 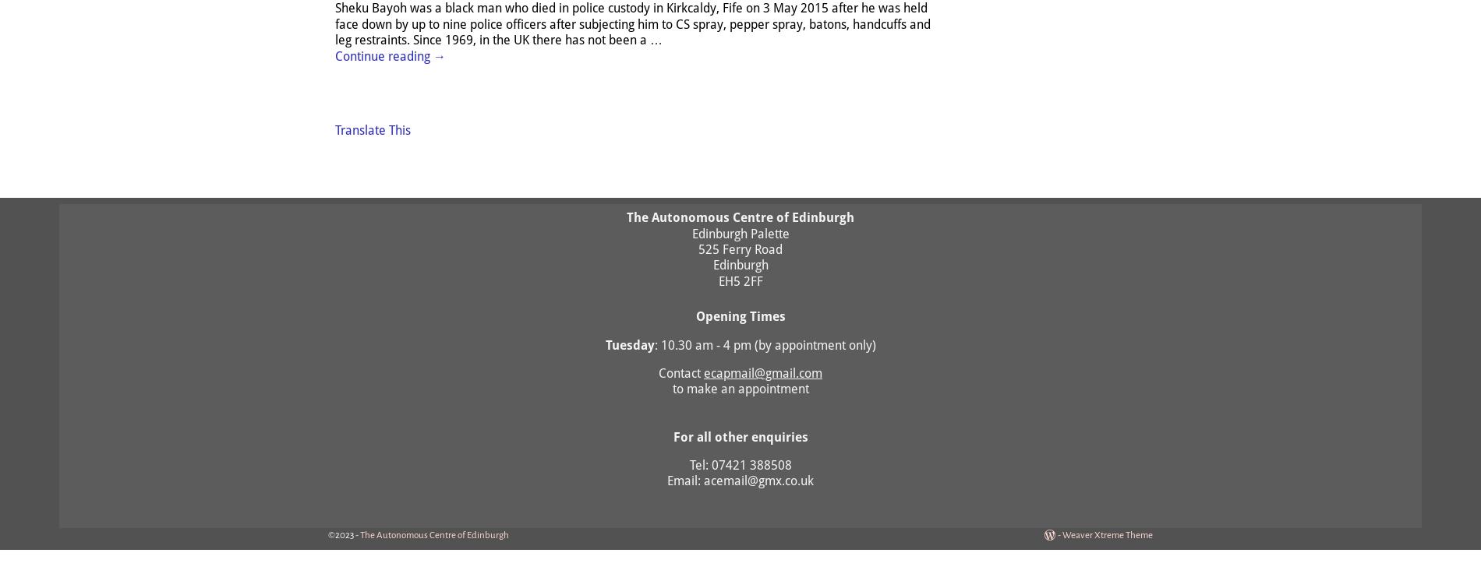 I want to click on 'Edinburgh Palette', so click(x=739, y=233).